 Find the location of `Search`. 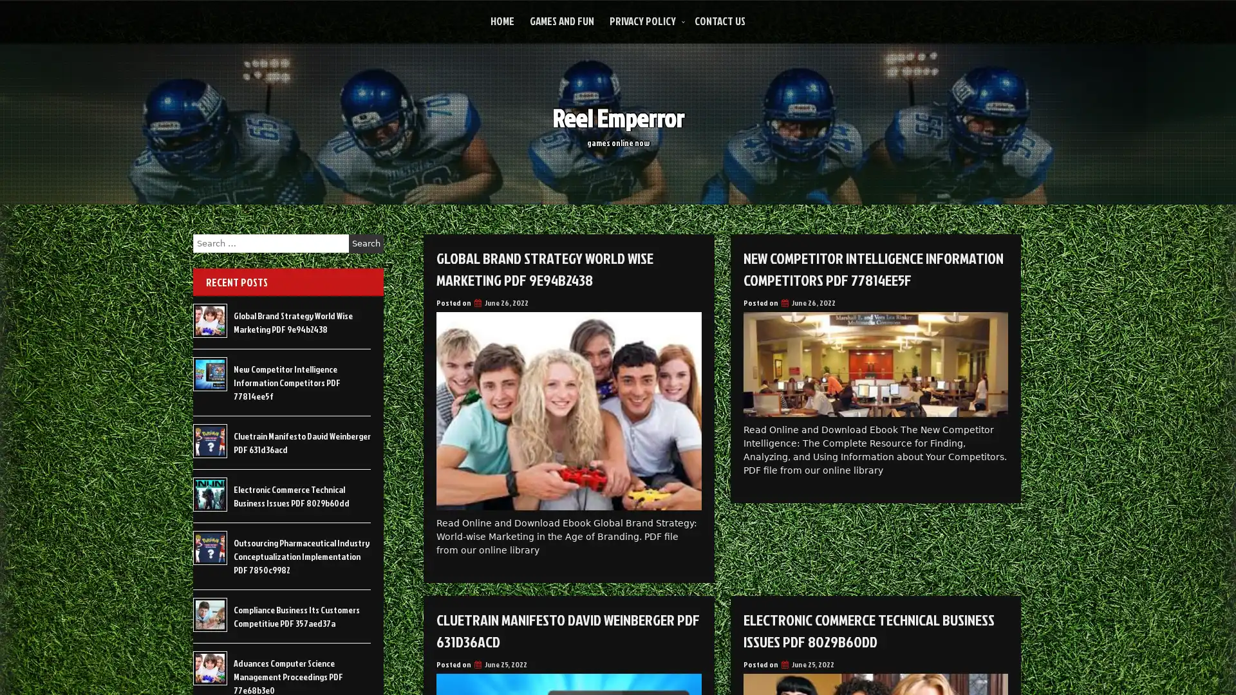

Search is located at coordinates (366, 243).